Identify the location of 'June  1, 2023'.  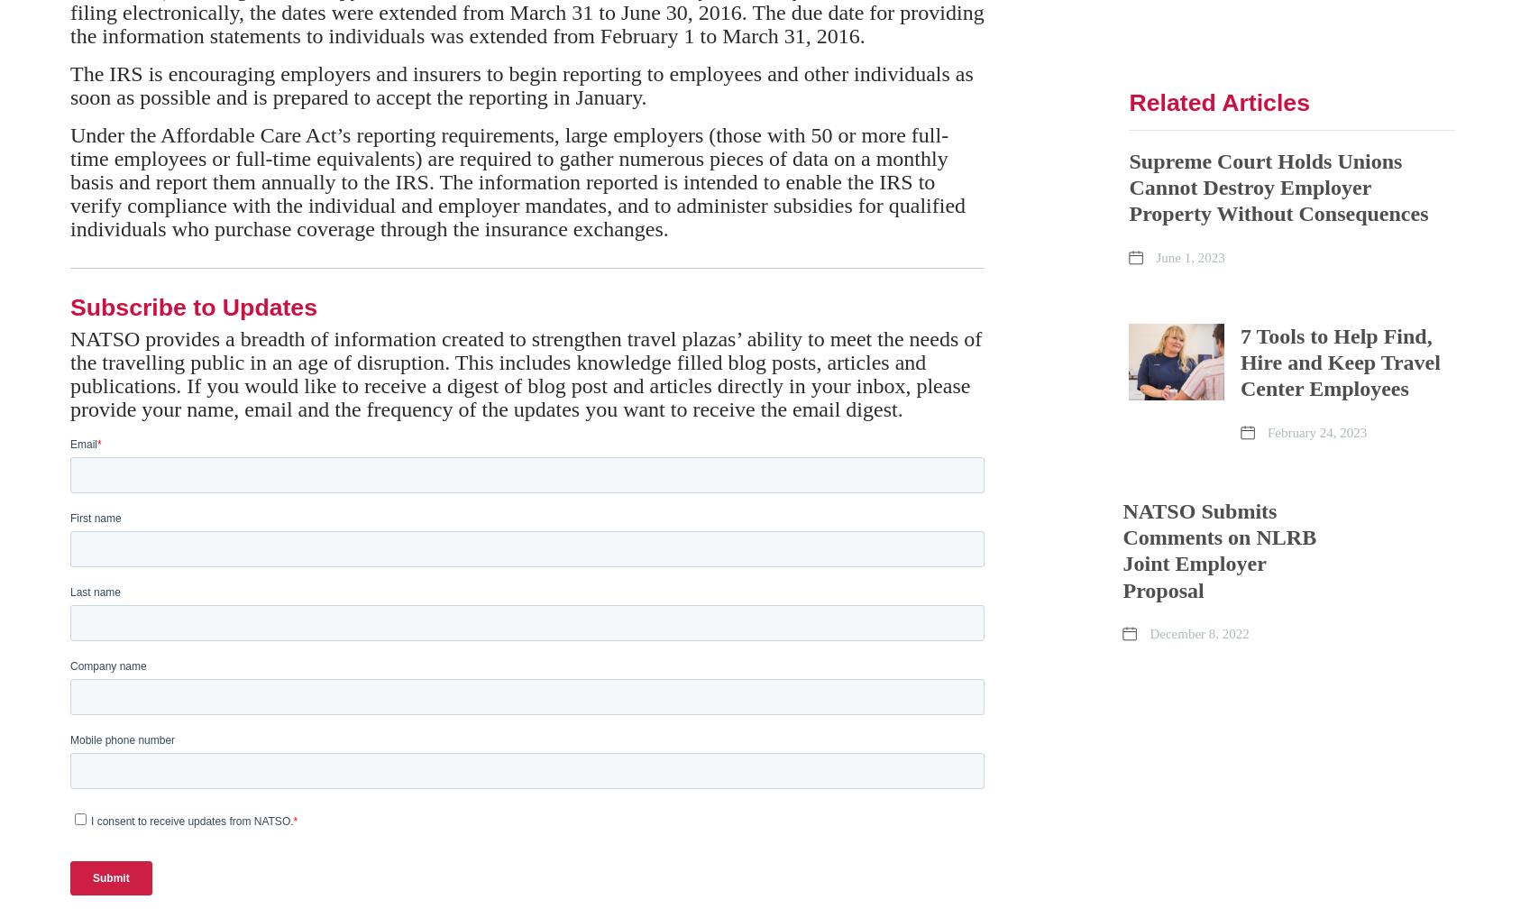
(1189, 256).